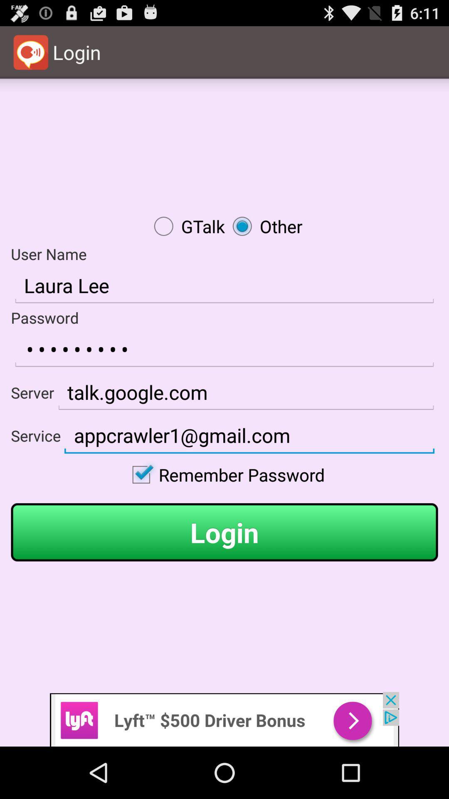  I want to click on advertisement, so click(224, 719).